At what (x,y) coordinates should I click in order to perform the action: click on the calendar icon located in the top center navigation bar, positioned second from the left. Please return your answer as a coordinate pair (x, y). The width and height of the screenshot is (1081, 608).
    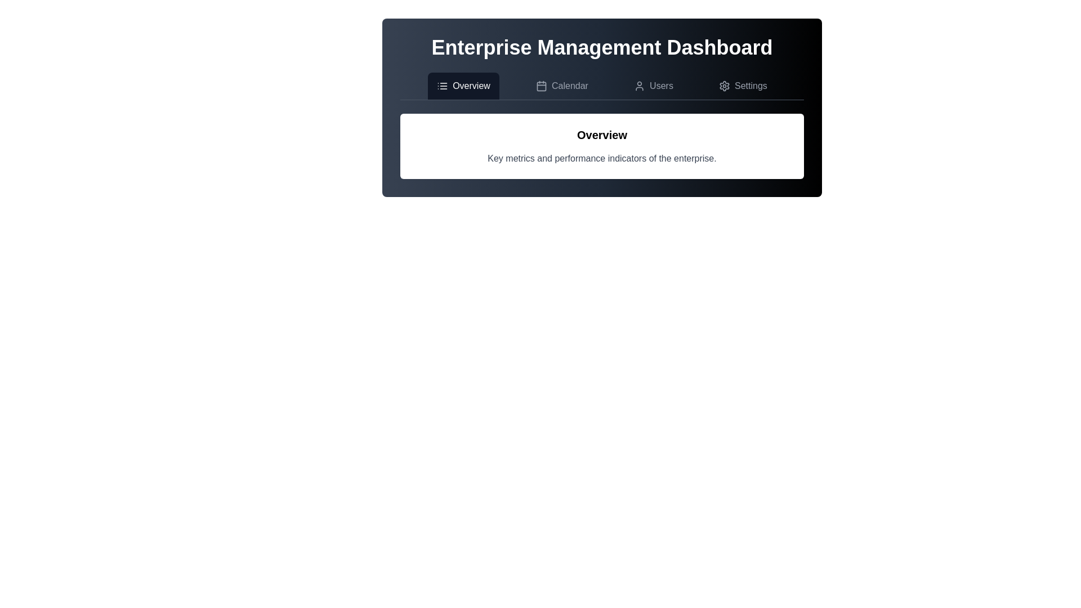
    Looking at the image, I should click on (541, 86).